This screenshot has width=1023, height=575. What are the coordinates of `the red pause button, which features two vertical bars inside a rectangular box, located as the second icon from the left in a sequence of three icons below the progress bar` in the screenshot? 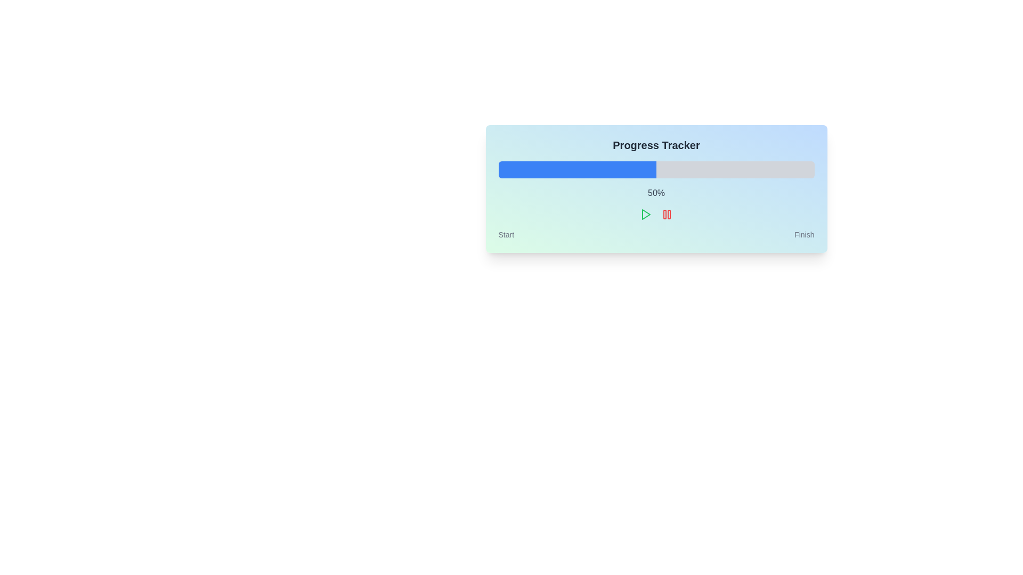 It's located at (667, 214).